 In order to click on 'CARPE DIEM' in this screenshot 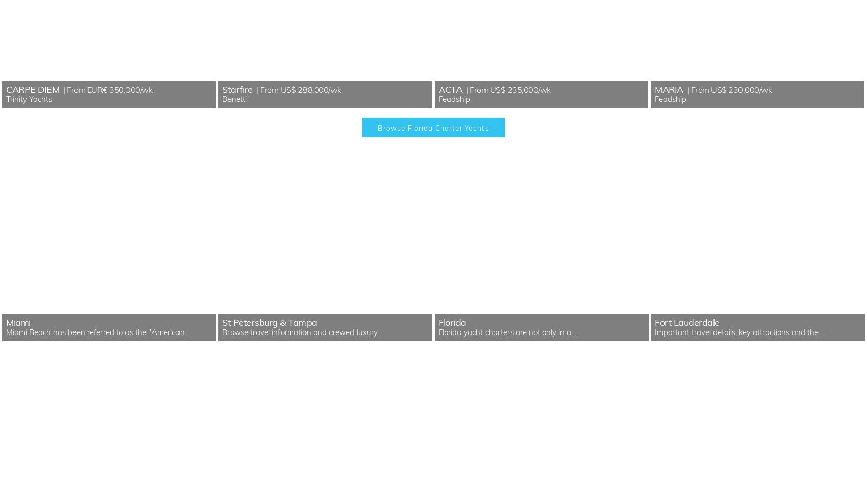, I will do `click(32, 89)`.